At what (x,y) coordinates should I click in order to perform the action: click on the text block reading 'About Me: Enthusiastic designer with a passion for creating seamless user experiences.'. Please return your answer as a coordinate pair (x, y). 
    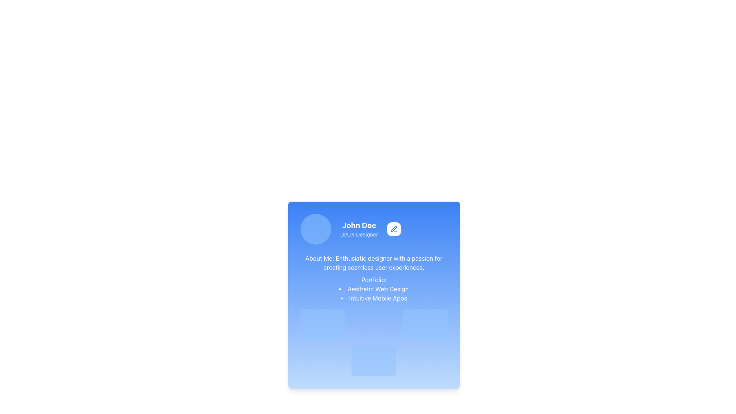
    Looking at the image, I should click on (374, 263).